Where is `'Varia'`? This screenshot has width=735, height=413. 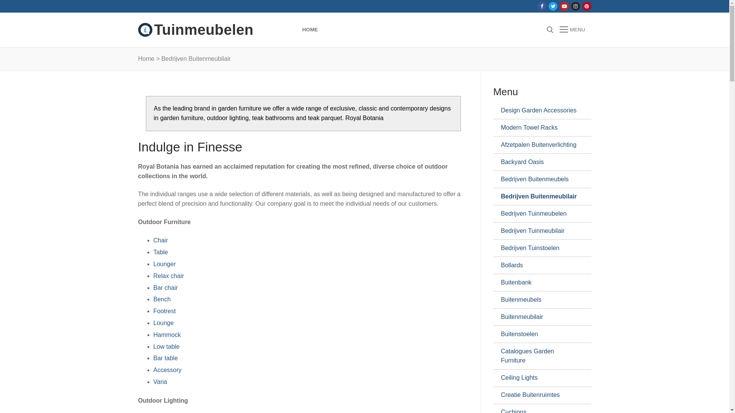
'Varia' is located at coordinates (159, 382).